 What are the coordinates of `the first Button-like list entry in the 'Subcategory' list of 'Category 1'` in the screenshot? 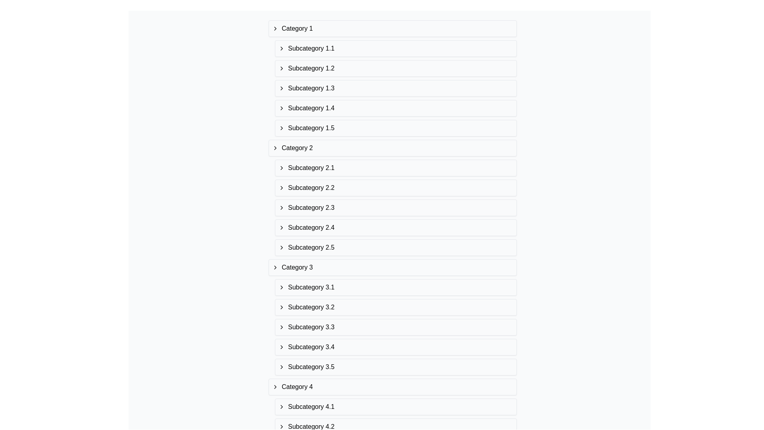 It's located at (396, 49).